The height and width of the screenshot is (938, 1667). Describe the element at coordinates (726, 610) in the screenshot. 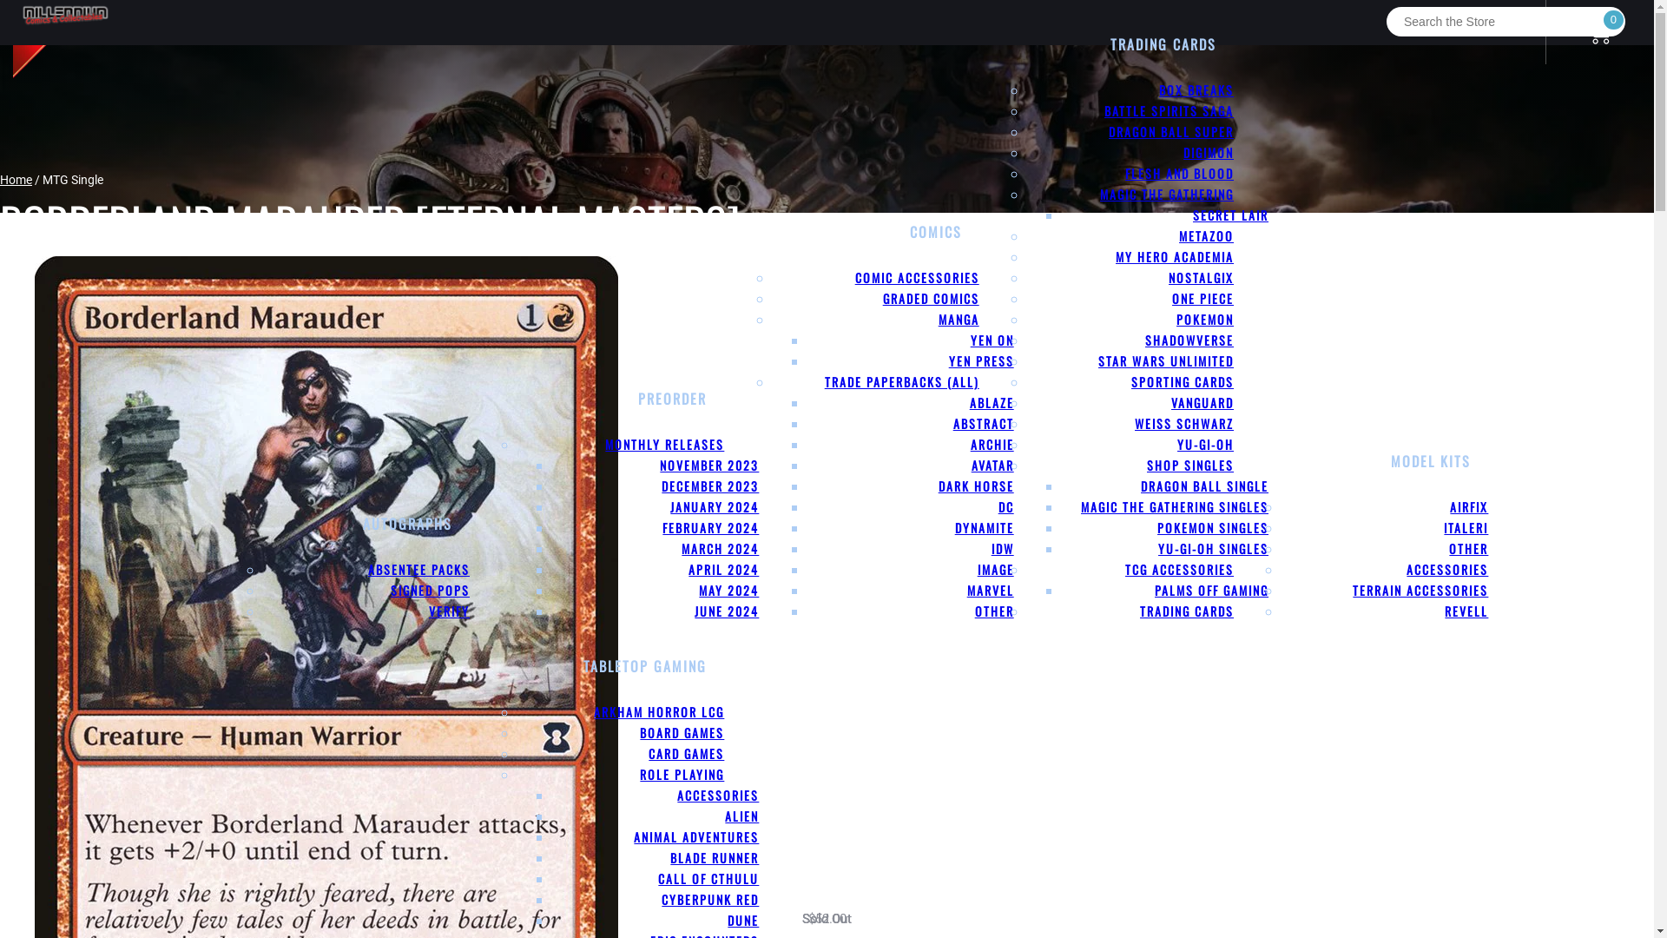

I see `'JUNE 2024'` at that location.